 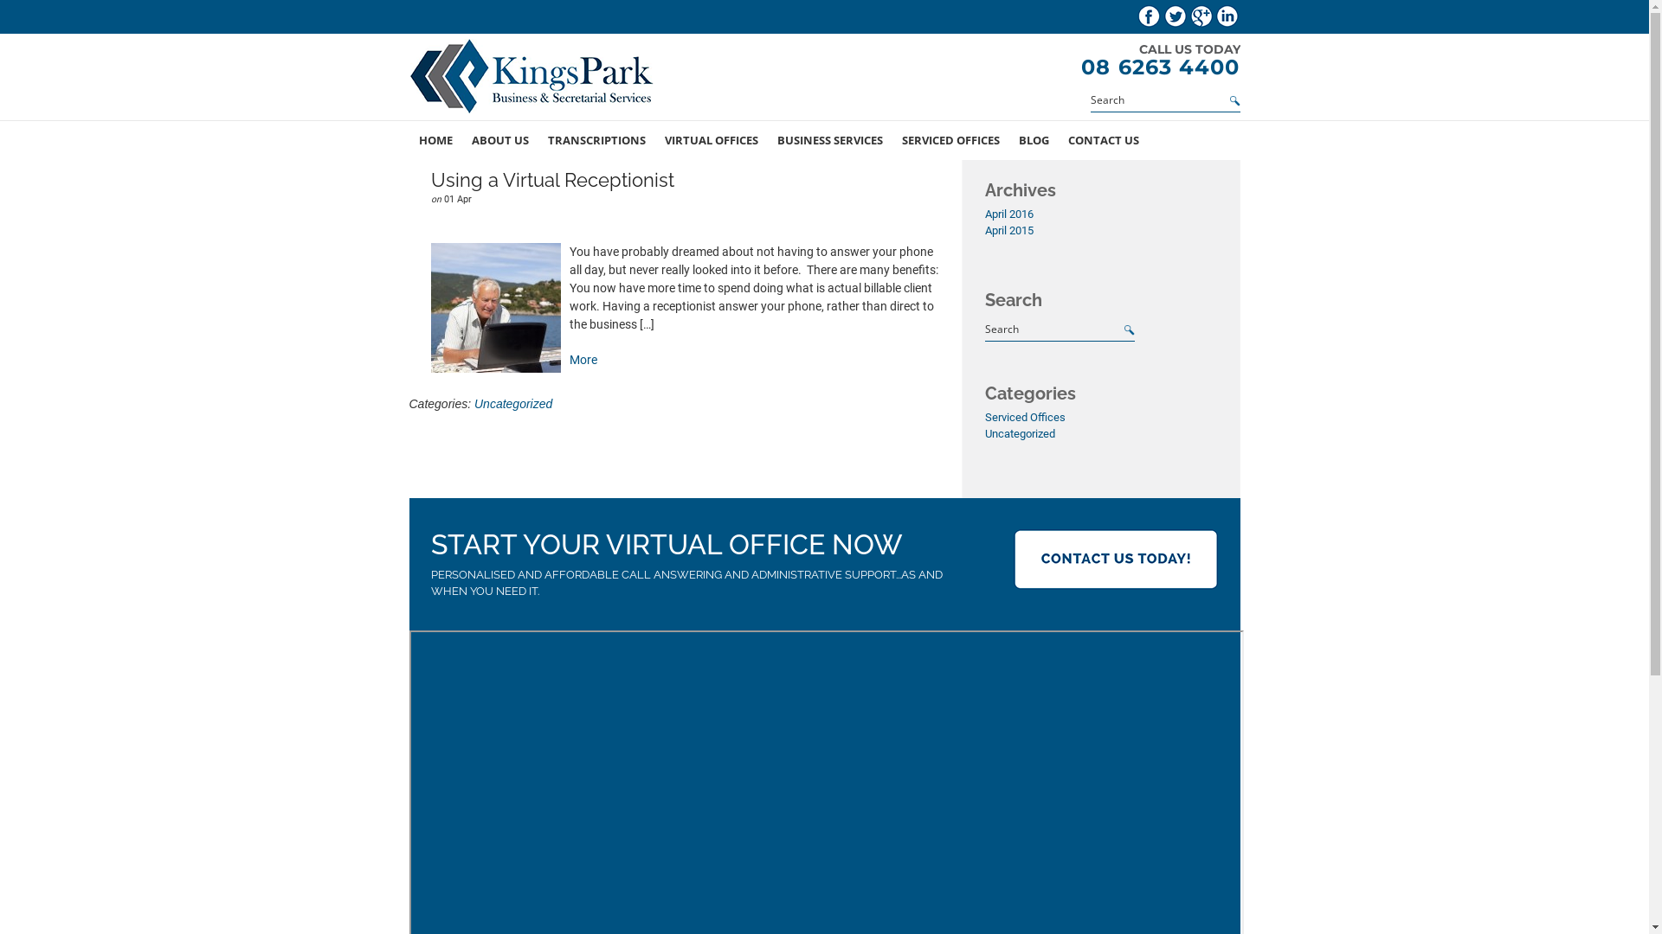 I want to click on 'VIRTUAL OFFICES', so click(x=653, y=139).